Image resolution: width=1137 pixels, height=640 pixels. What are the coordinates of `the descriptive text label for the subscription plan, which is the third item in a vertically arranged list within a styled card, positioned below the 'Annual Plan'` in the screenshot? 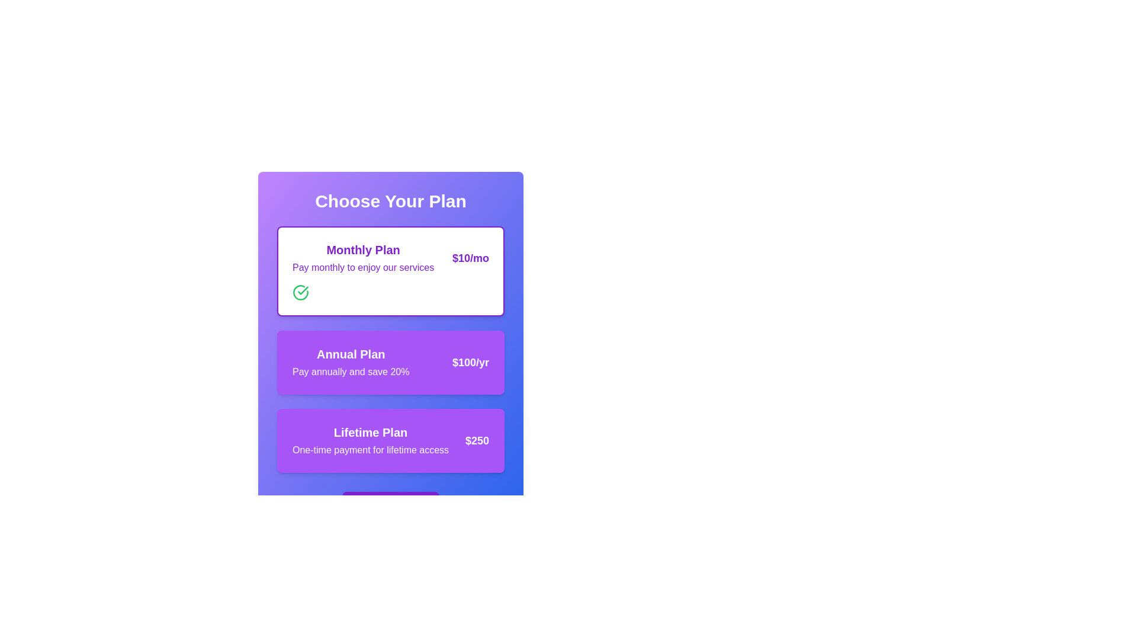 It's located at (370, 441).